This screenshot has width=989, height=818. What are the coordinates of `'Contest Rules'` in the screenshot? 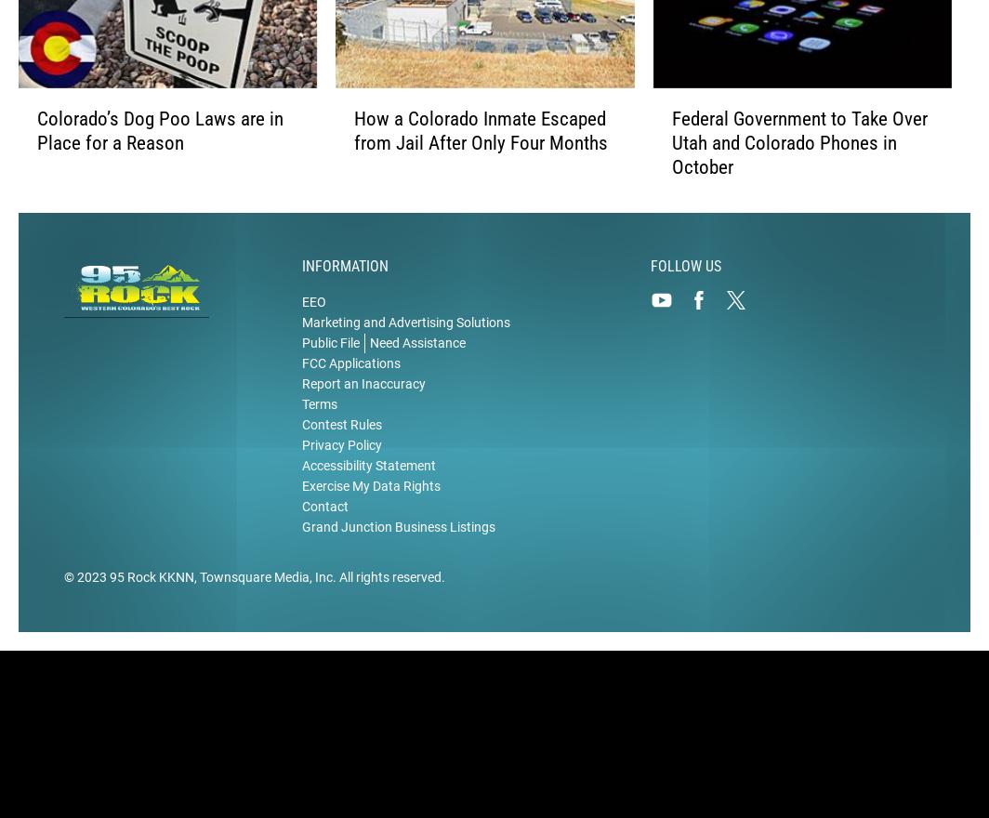 It's located at (342, 425).